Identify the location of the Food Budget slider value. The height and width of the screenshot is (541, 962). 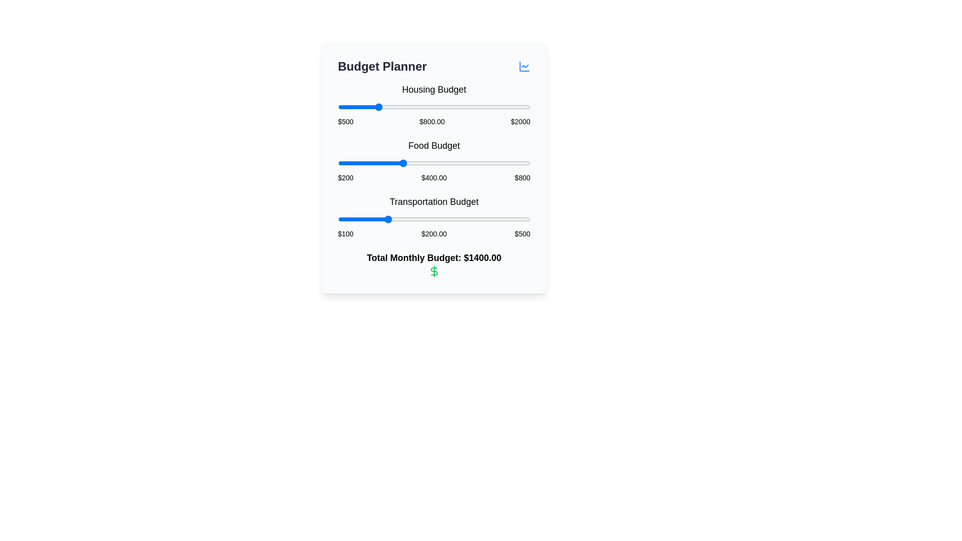
(456, 163).